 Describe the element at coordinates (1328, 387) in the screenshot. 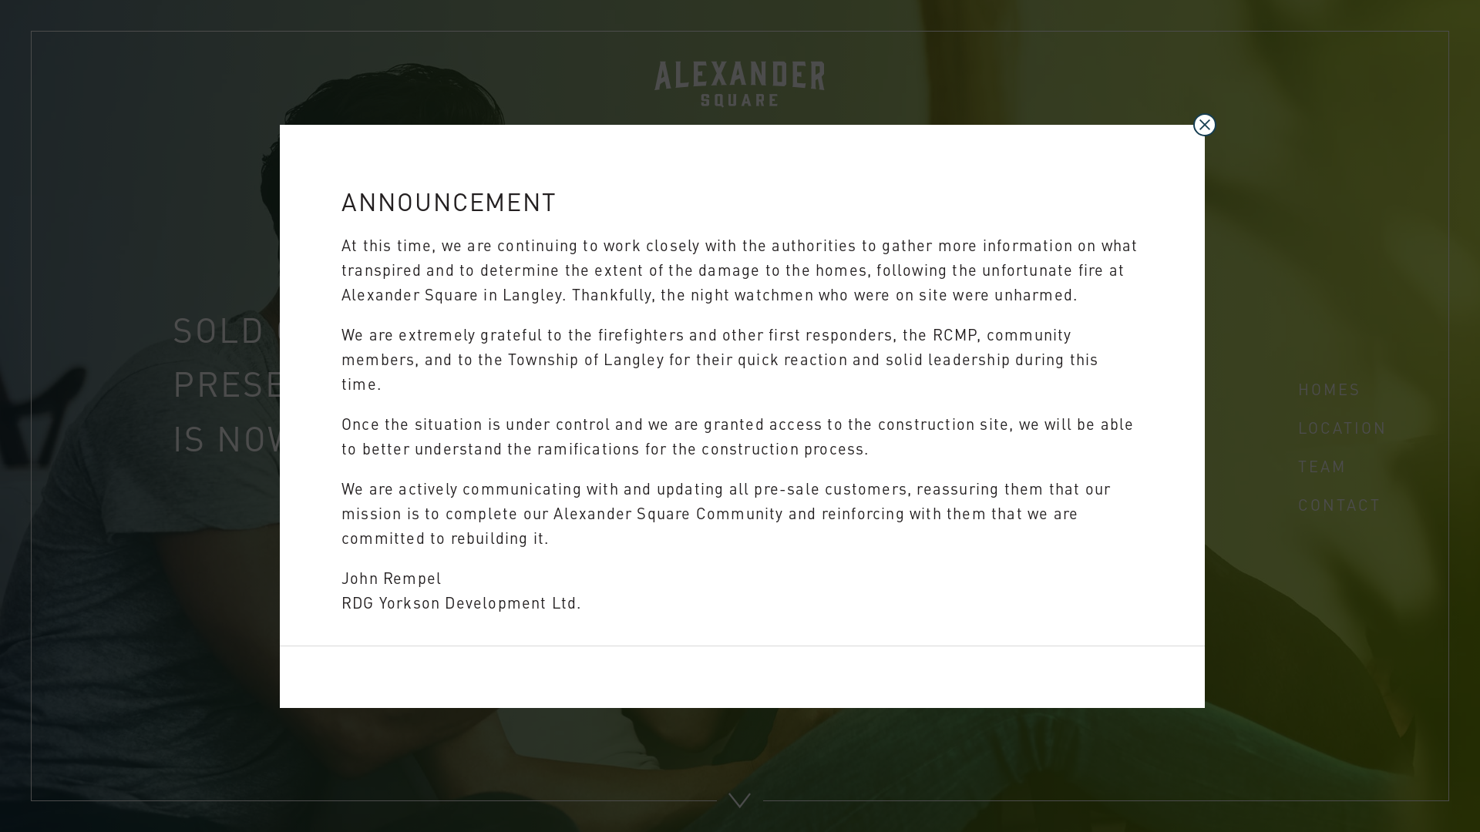

I see `'HOMES'` at that location.